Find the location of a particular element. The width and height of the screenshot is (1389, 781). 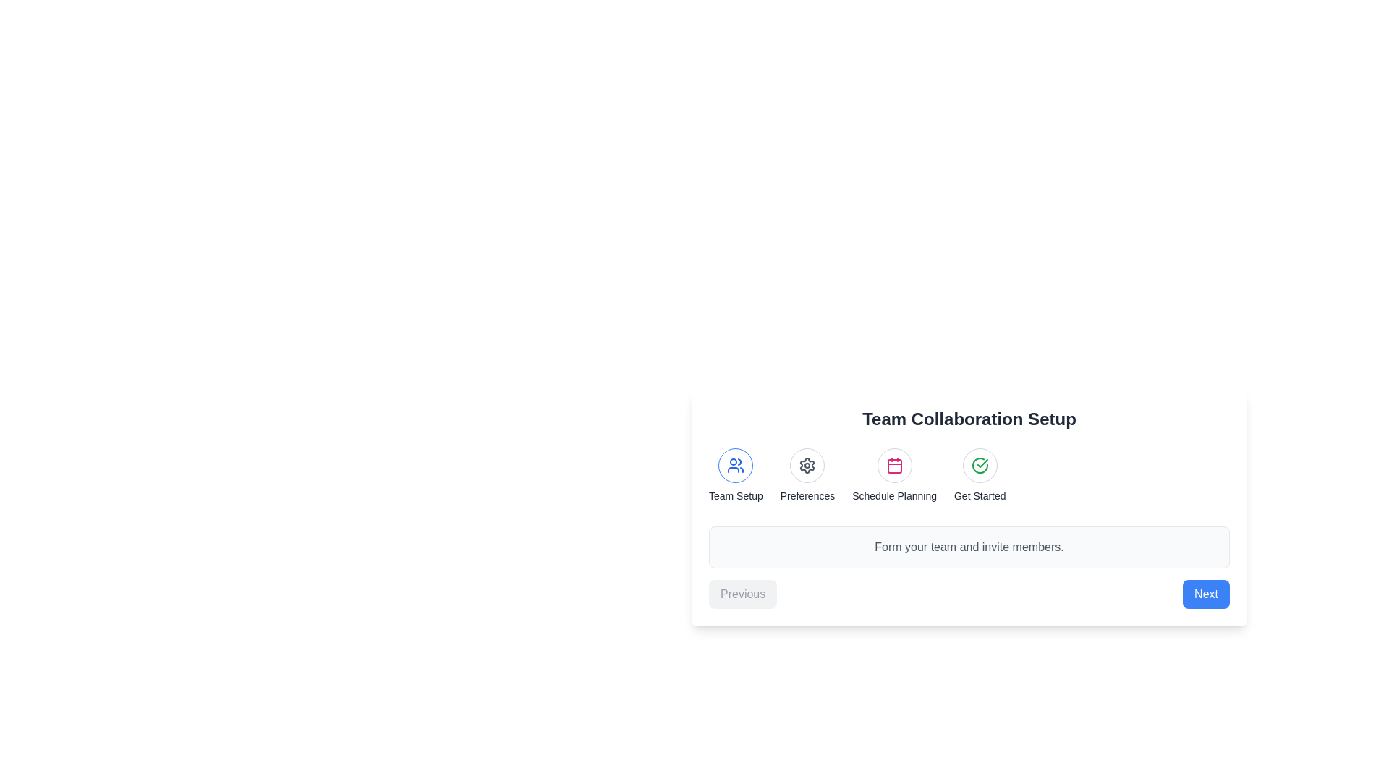

the circular gear icon located above the text label 'Preferences', which is the second icon among four horizontally aligned icons is located at coordinates (807, 466).